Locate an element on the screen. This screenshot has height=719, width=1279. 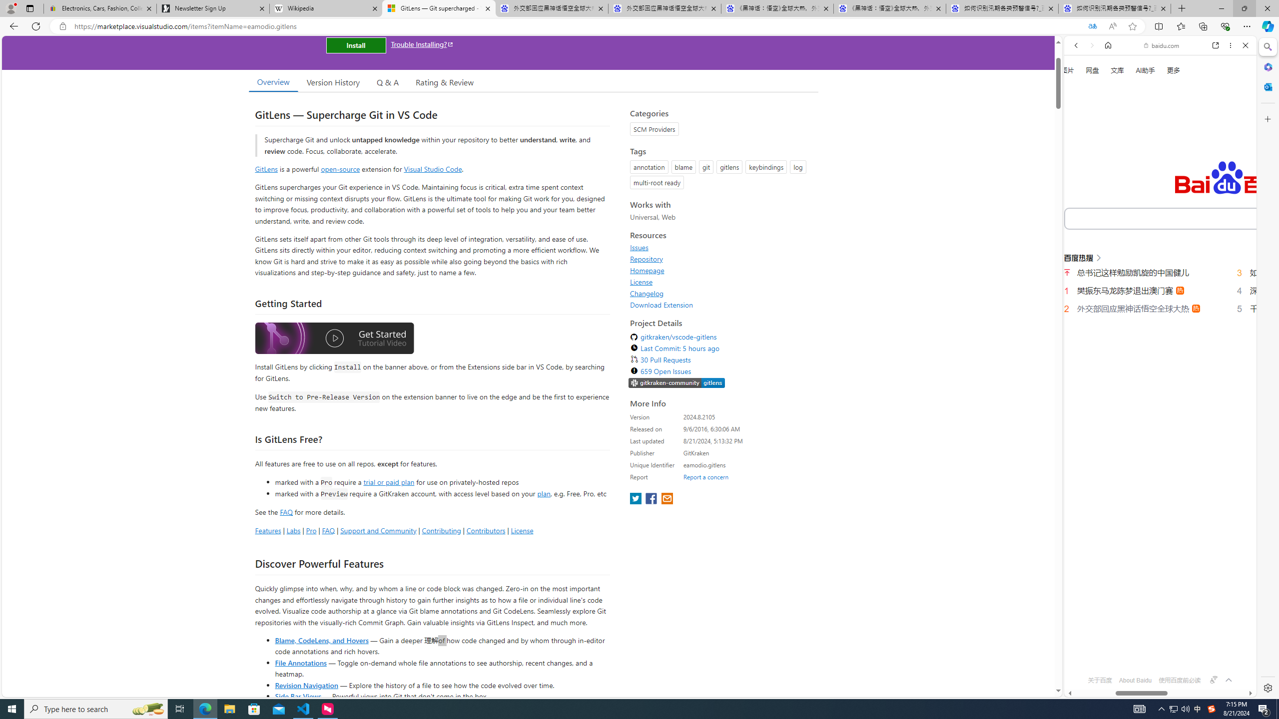
'Changelog' is located at coordinates (721, 293).